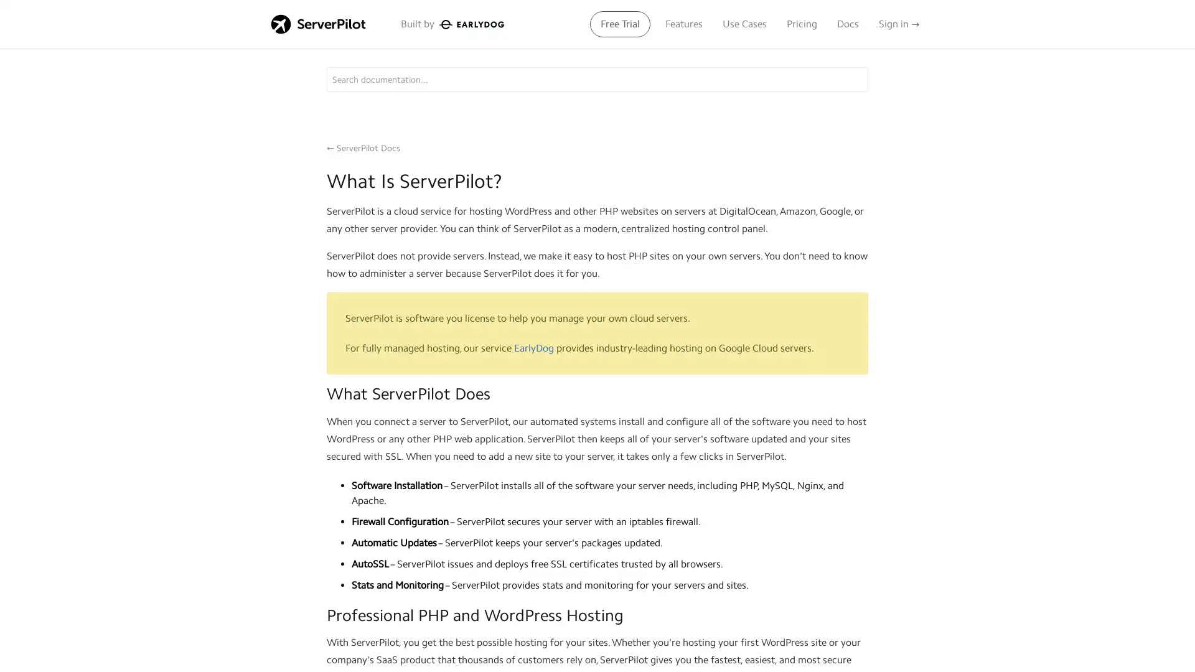 The height and width of the screenshot is (672, 1195). What do you see at coordinates (744, 24) in the screenshot?
I see `Use Cases` at bounding box center [744, 24].